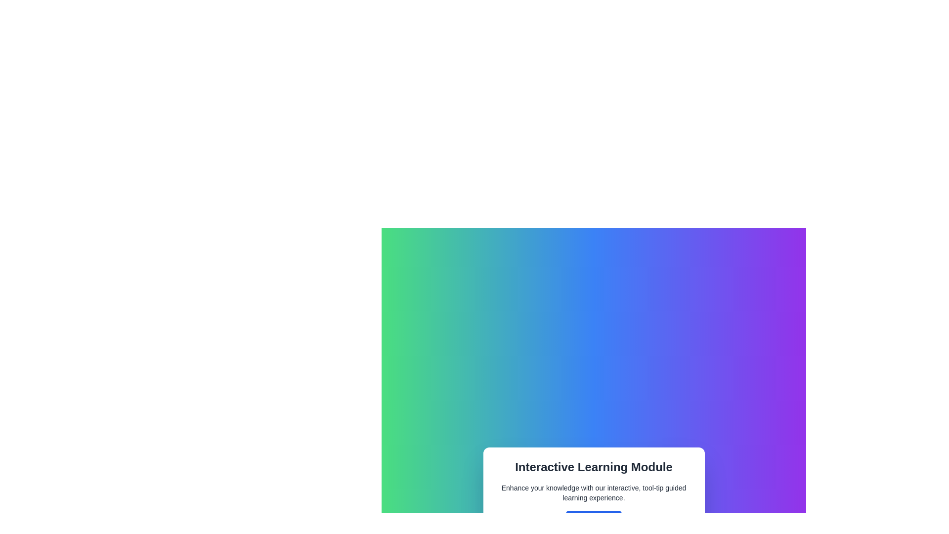  Describe the element at coordinates (593, 520) in the screenshot. I see `the prominent blue button labeled 'Learn More'` at that location.